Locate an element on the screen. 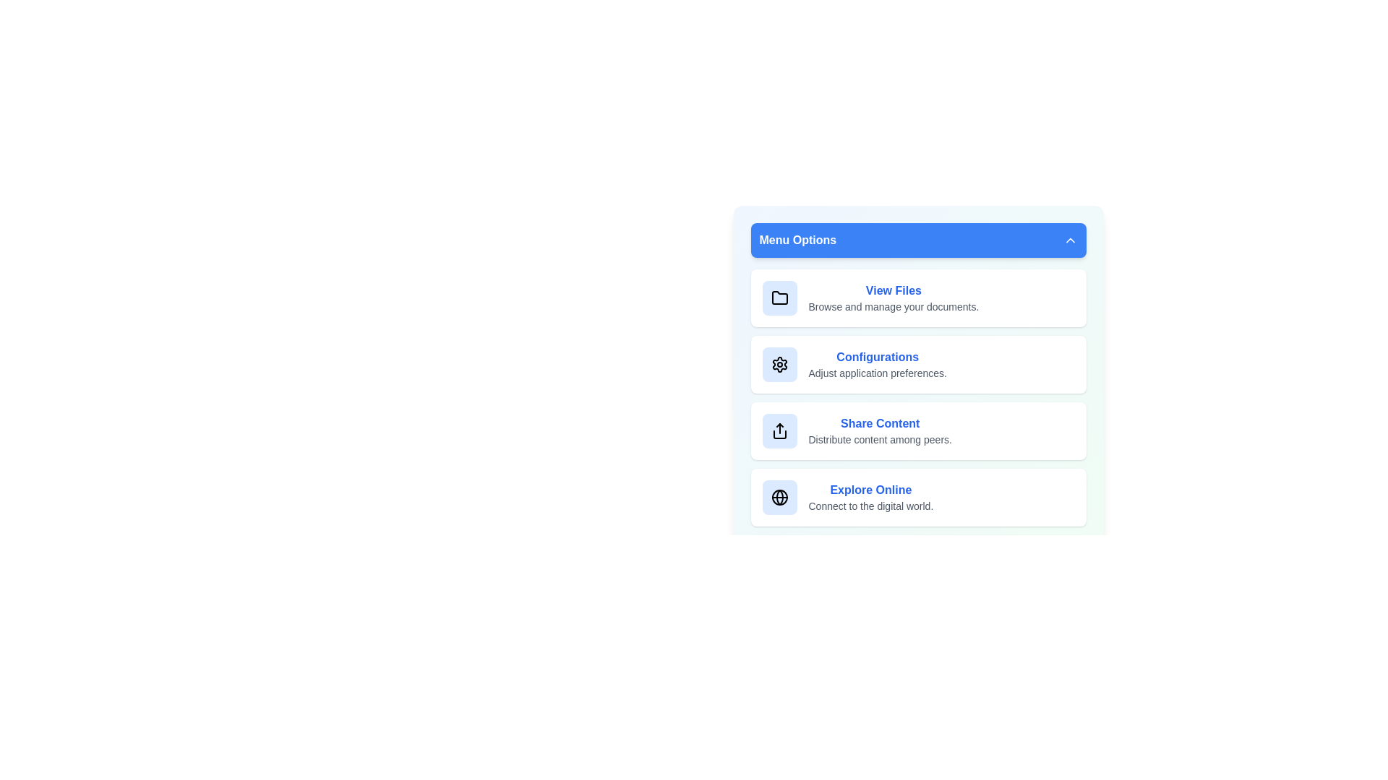  the menu item corresponding to Explore Online is located at coordinates (917, 497).